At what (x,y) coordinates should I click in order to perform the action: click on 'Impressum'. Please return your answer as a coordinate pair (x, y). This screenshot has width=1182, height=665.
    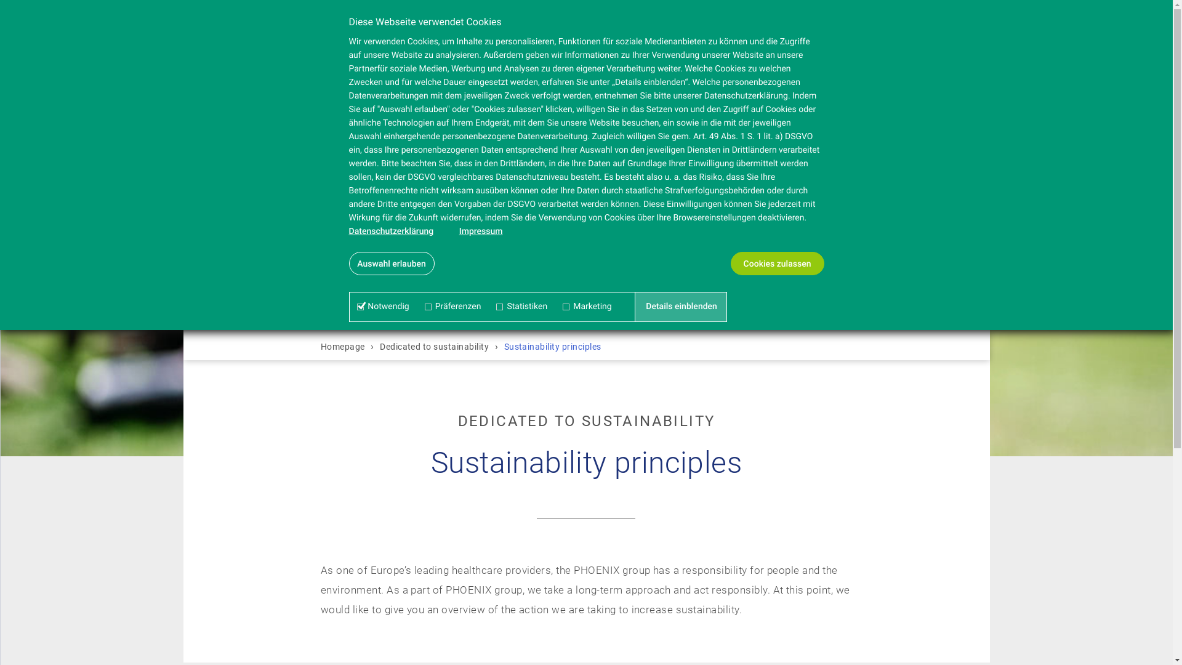
    Looking at the image, I should click on (480, 231).